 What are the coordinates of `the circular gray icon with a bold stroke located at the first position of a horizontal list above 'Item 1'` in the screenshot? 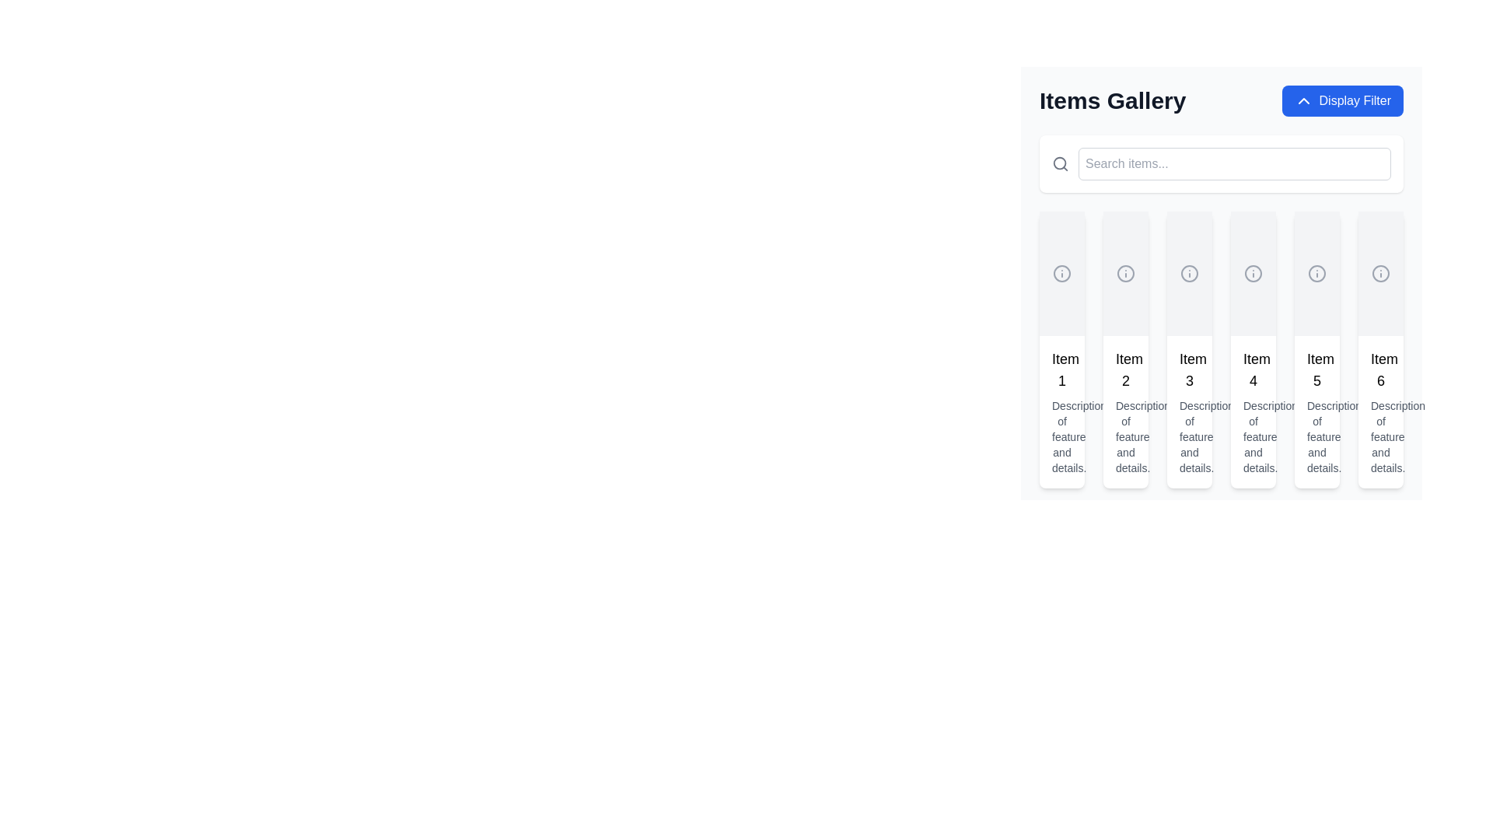 It's located at (1061, 272).